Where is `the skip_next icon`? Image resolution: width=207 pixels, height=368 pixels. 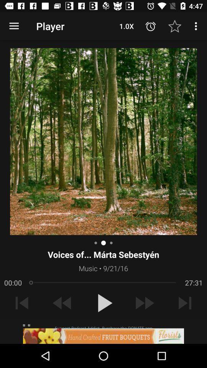 the skip_next icon is located at coordinates (184, 303).